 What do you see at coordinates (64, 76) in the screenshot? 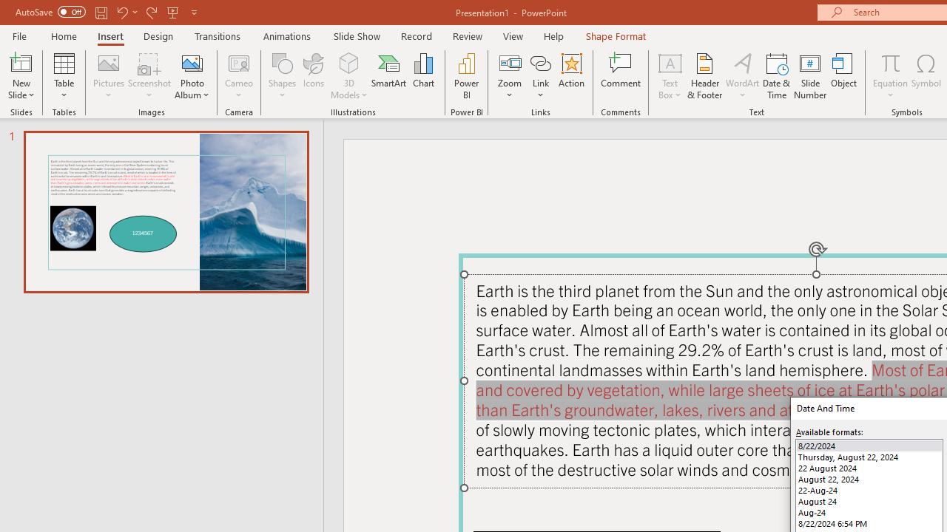
I see `'Table'` at bounding box center [64, 76].